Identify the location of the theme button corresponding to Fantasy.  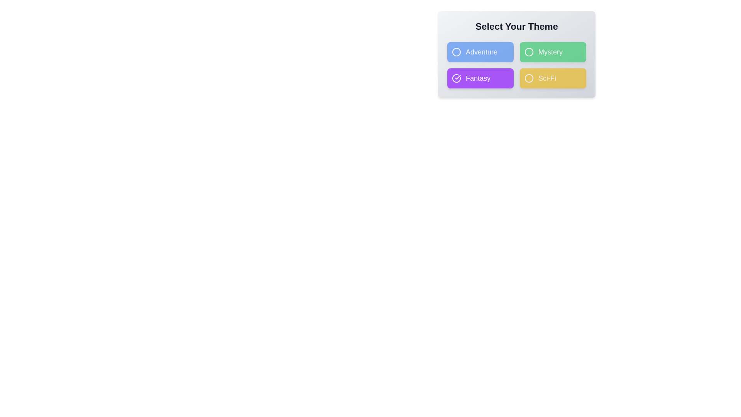
(480, 78).